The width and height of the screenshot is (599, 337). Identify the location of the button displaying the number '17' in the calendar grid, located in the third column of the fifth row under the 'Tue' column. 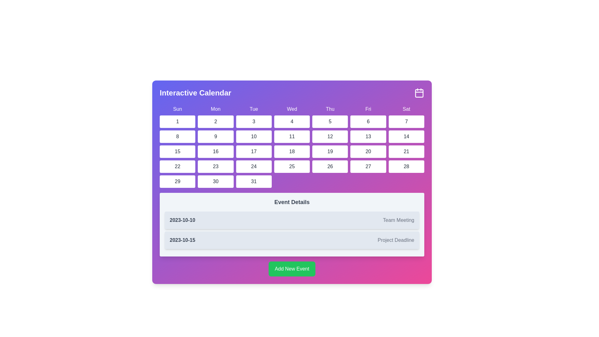
(254, 152).